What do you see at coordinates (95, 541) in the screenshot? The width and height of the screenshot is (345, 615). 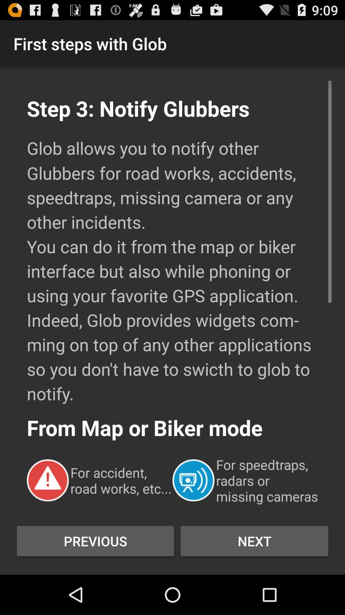 I see `the previous icon` at bounding box center [95, 541].